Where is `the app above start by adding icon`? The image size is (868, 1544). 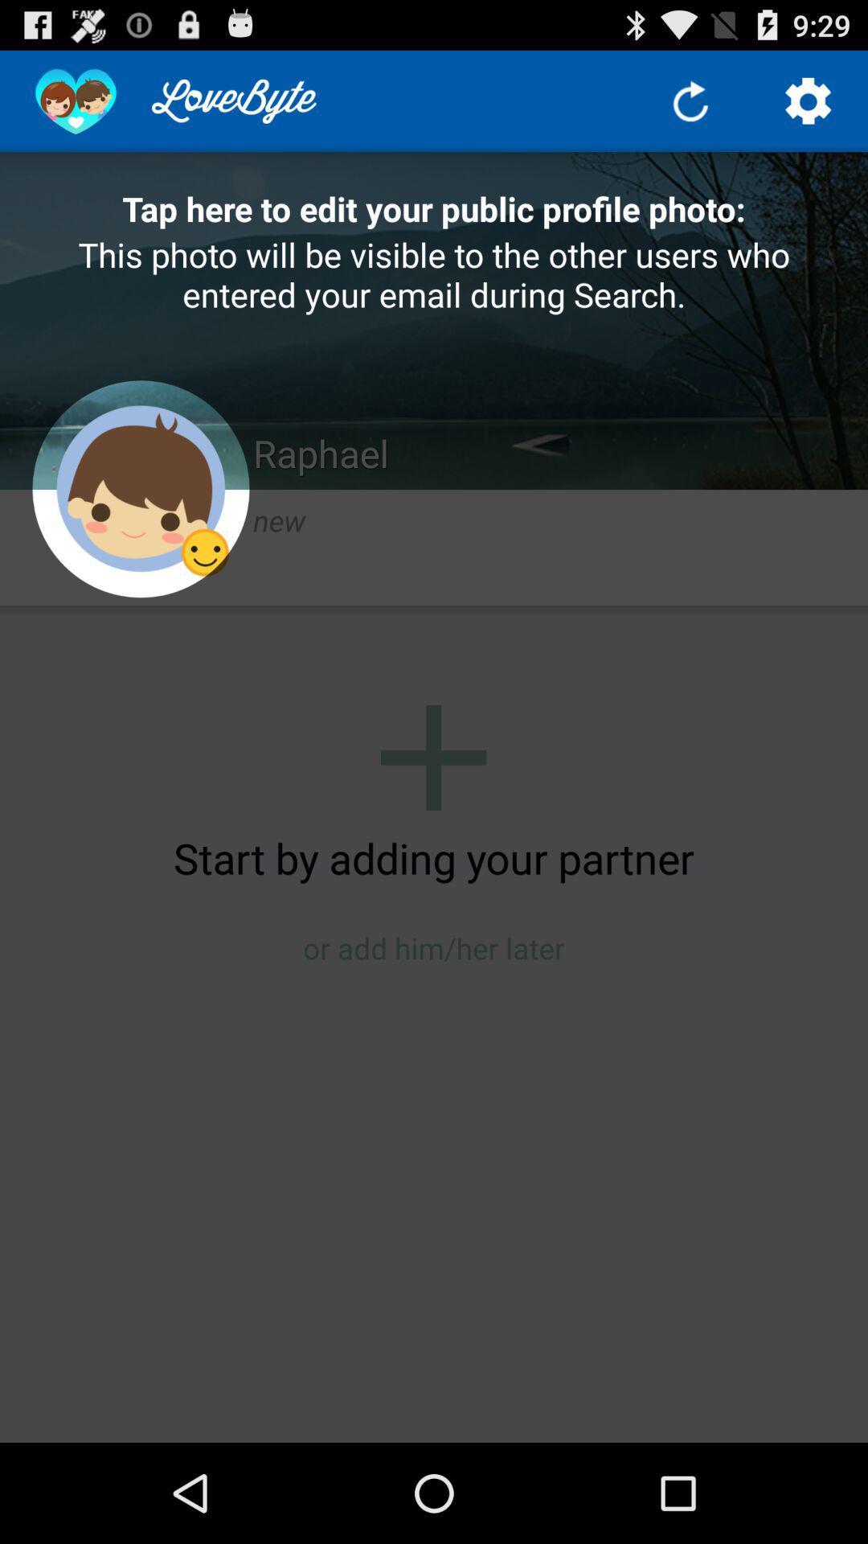
the app above start by adding icon is located at coordinates (432, 757).